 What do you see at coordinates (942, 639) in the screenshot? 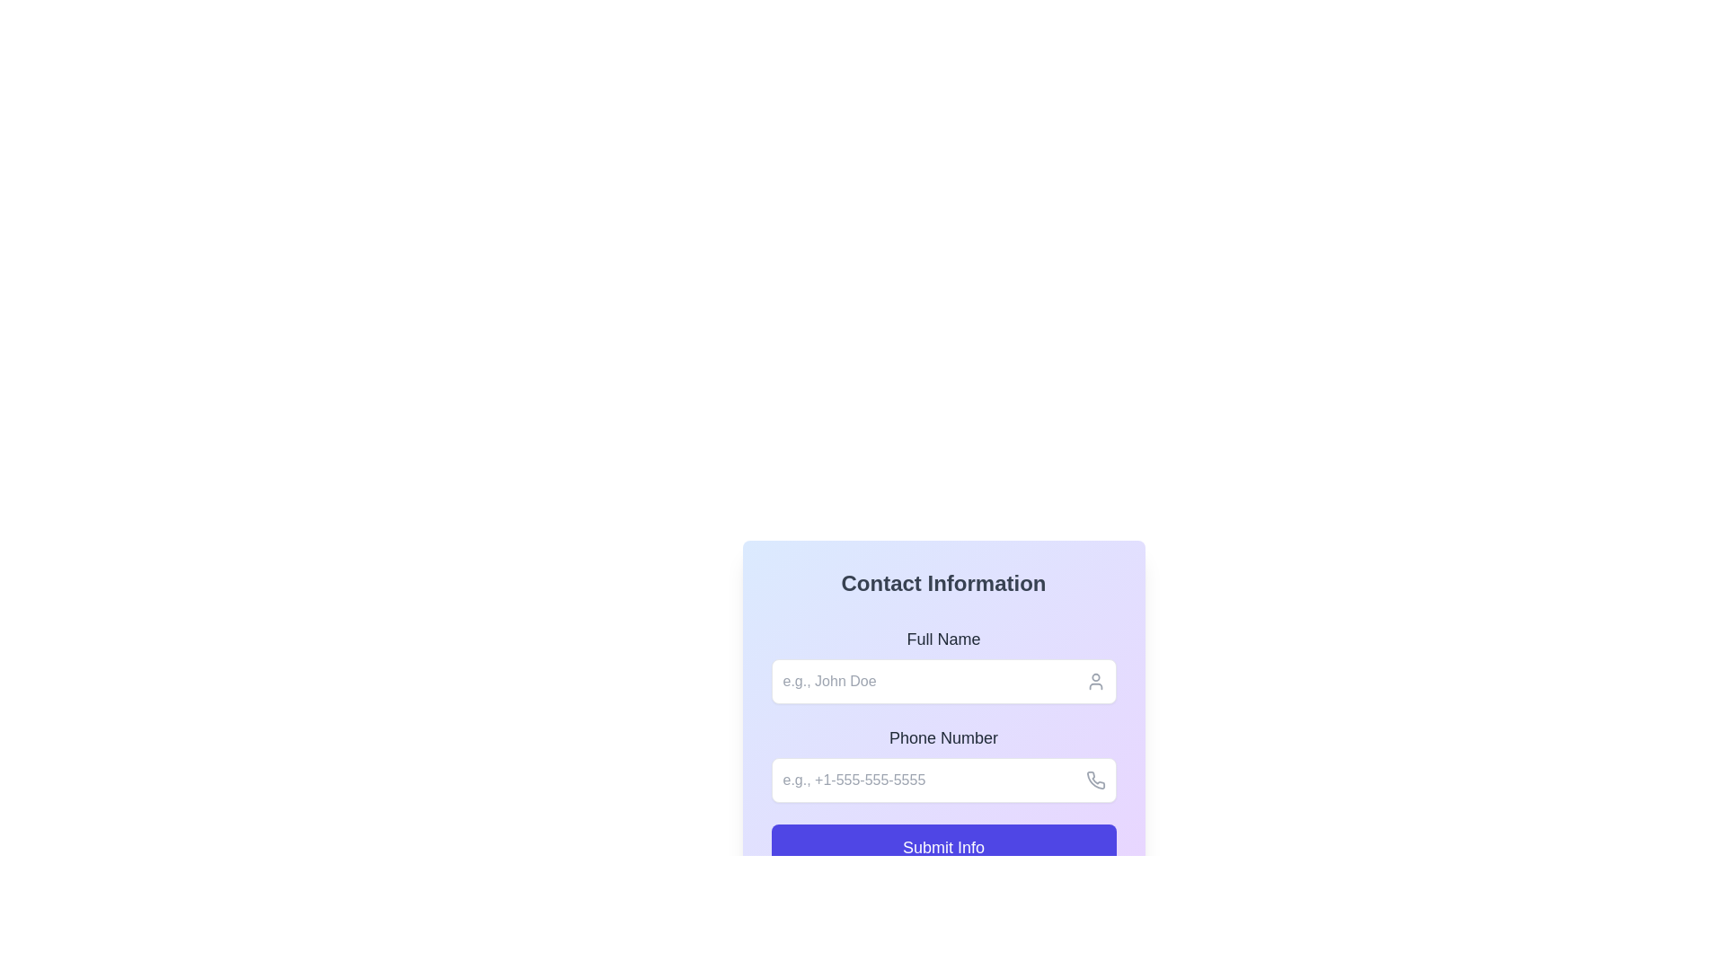
I see `the label for entering the full name, which is located under the section title 'Contact Information' in the form interface` at bounding box center [942, 639].